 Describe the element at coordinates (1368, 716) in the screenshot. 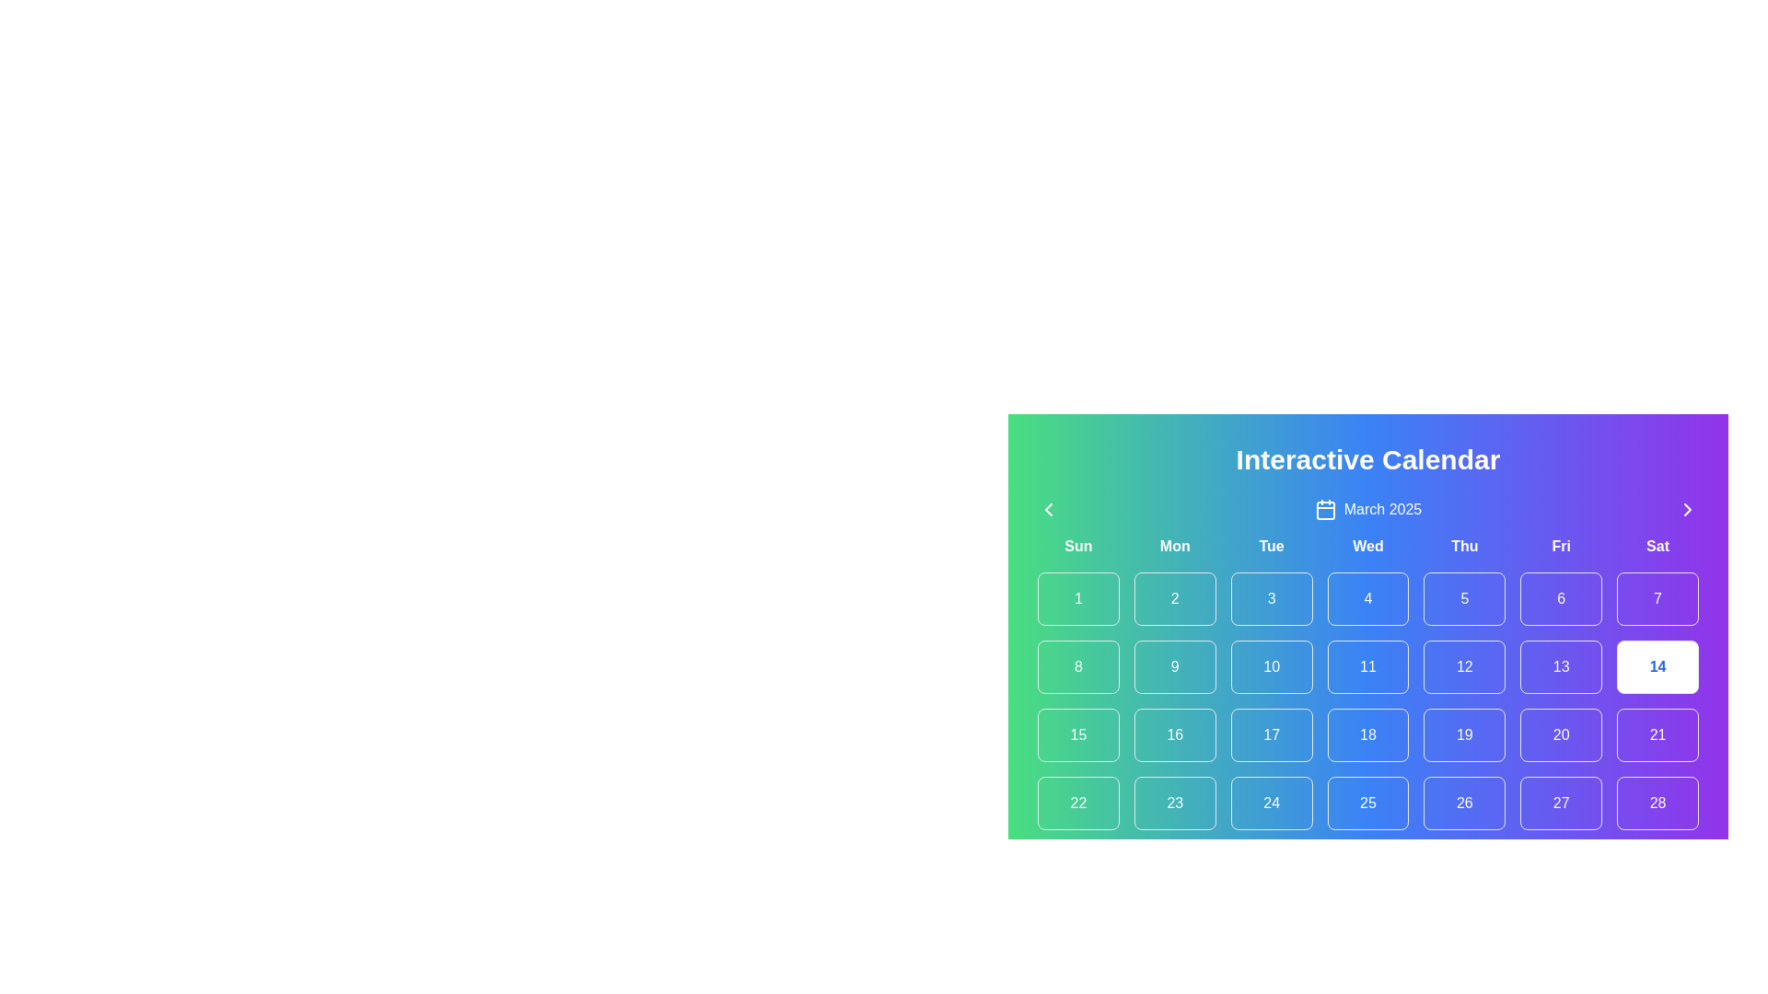

I see `the calendar date cell for the date 18 (Wednesday) in the interactive calendar for March 2025, located in the fourth row and third column` at that location.